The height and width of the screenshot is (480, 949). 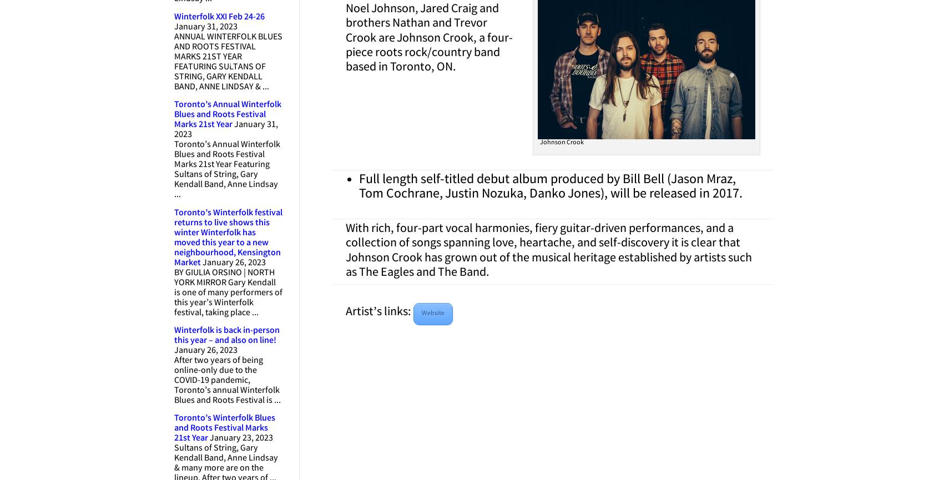 What do you see at coordinates (173, 292) in the screenshot?
I see `'BY GIULIA ORSINO | NORTH YORK MIRROR






Gary Kendall is one of many performers of this year’s Winterfolk festival, taking place ...'` at bounding box center [173, 292].